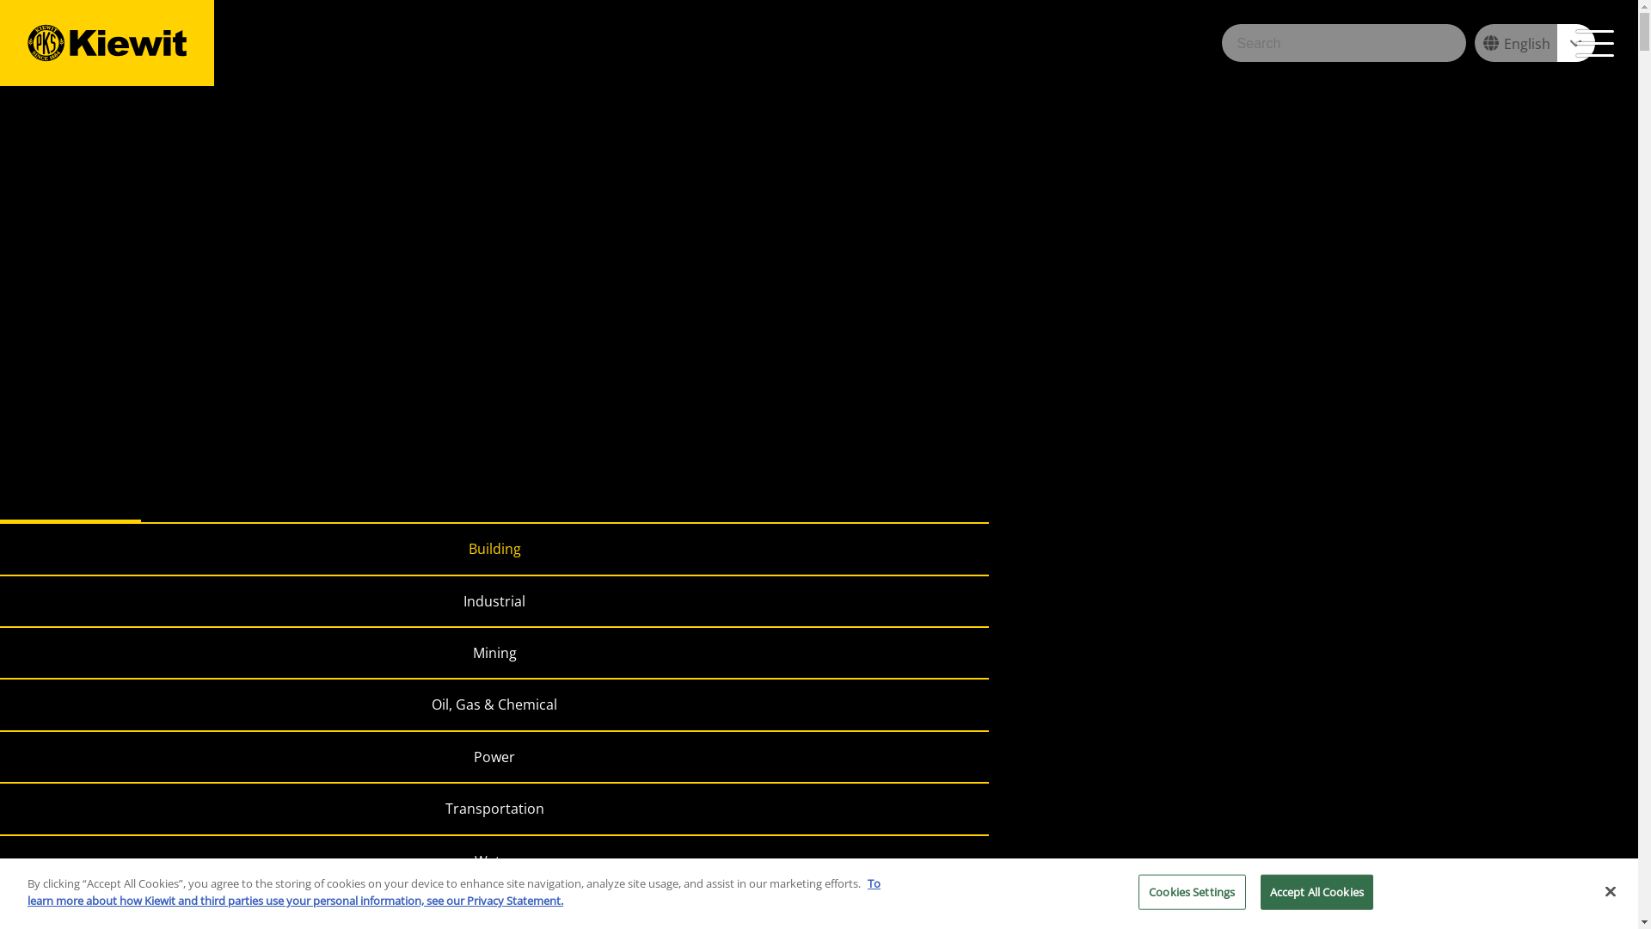 The image size is (1651, 929). I want to click on 'Kiewit Corporation', so click(106, 42).